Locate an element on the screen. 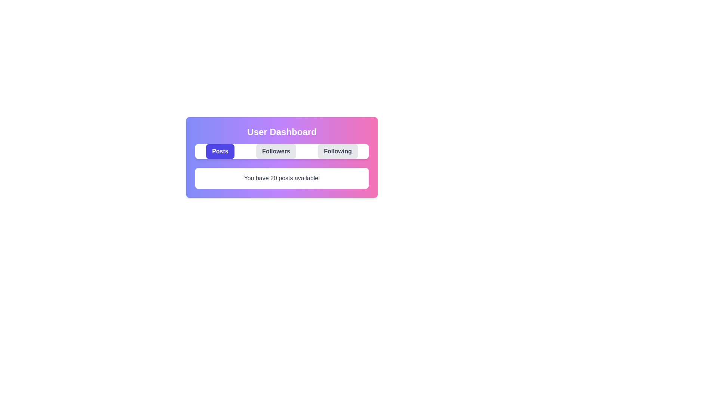 The height and width of the screenshot is (403, 718). the navigation bar buttons located at the top-center of the user dashboard to switch between content views (Posts, Followers, Following) is located at coordinates (281, 151).